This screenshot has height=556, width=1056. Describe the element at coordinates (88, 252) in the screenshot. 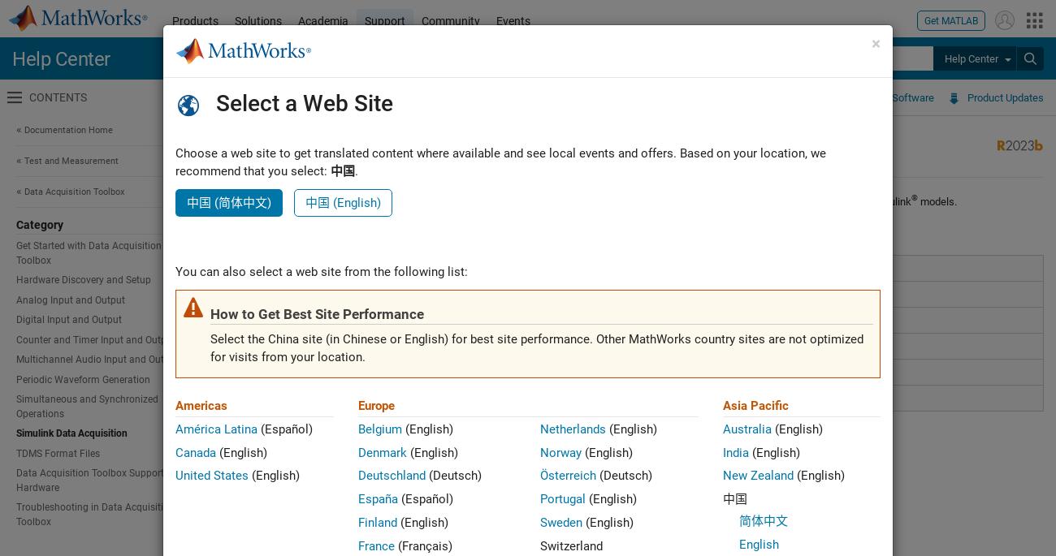

I see `'Get Started with Data Acquisition Toolbox'` at that location.